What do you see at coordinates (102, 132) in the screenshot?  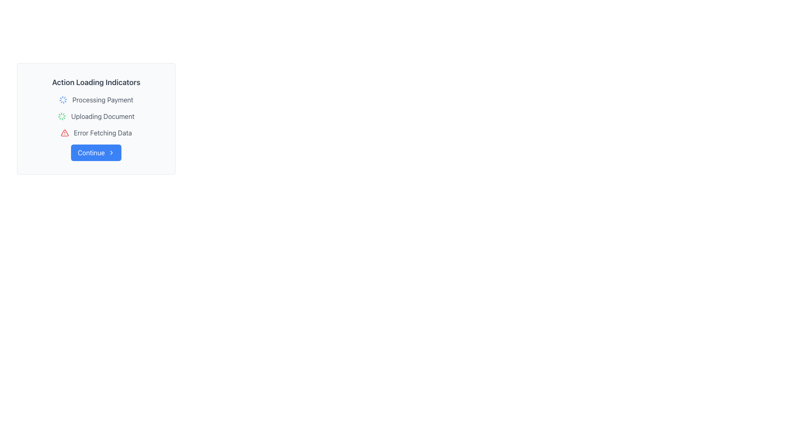 I see `the third text label that displays an error message, located under the 'Processing Payment' and 'Uploading Document' indicators, and above the 'Continue' button` at bounding box center [102, 132].